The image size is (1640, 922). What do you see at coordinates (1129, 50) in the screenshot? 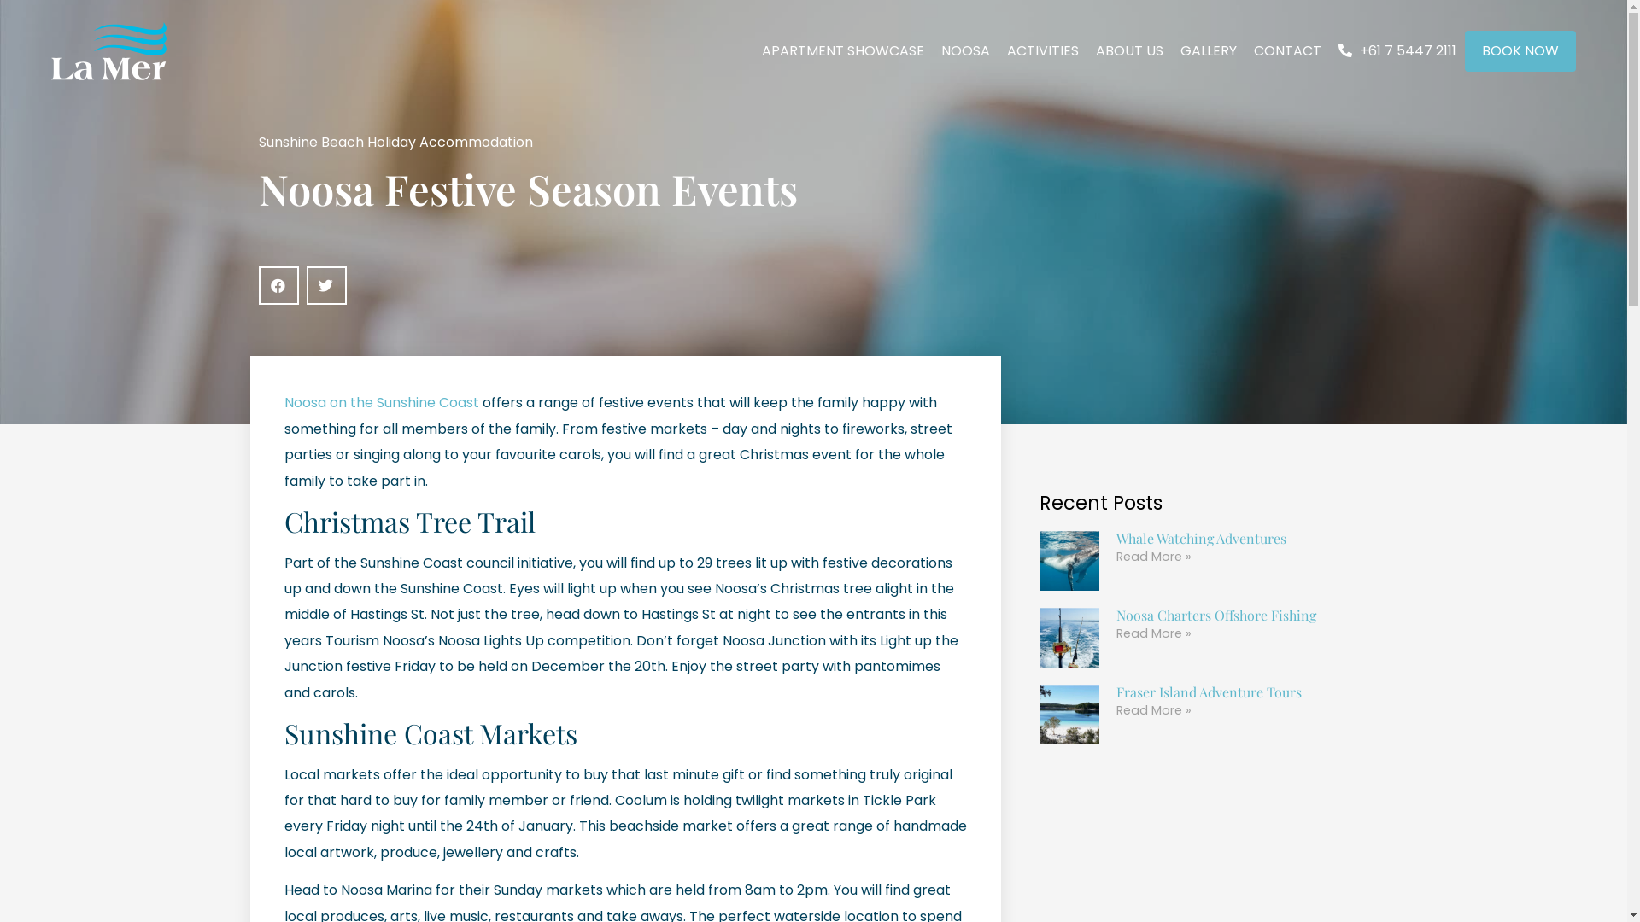
I see `'ABOUT US'` at bounding box center [1129, 50].